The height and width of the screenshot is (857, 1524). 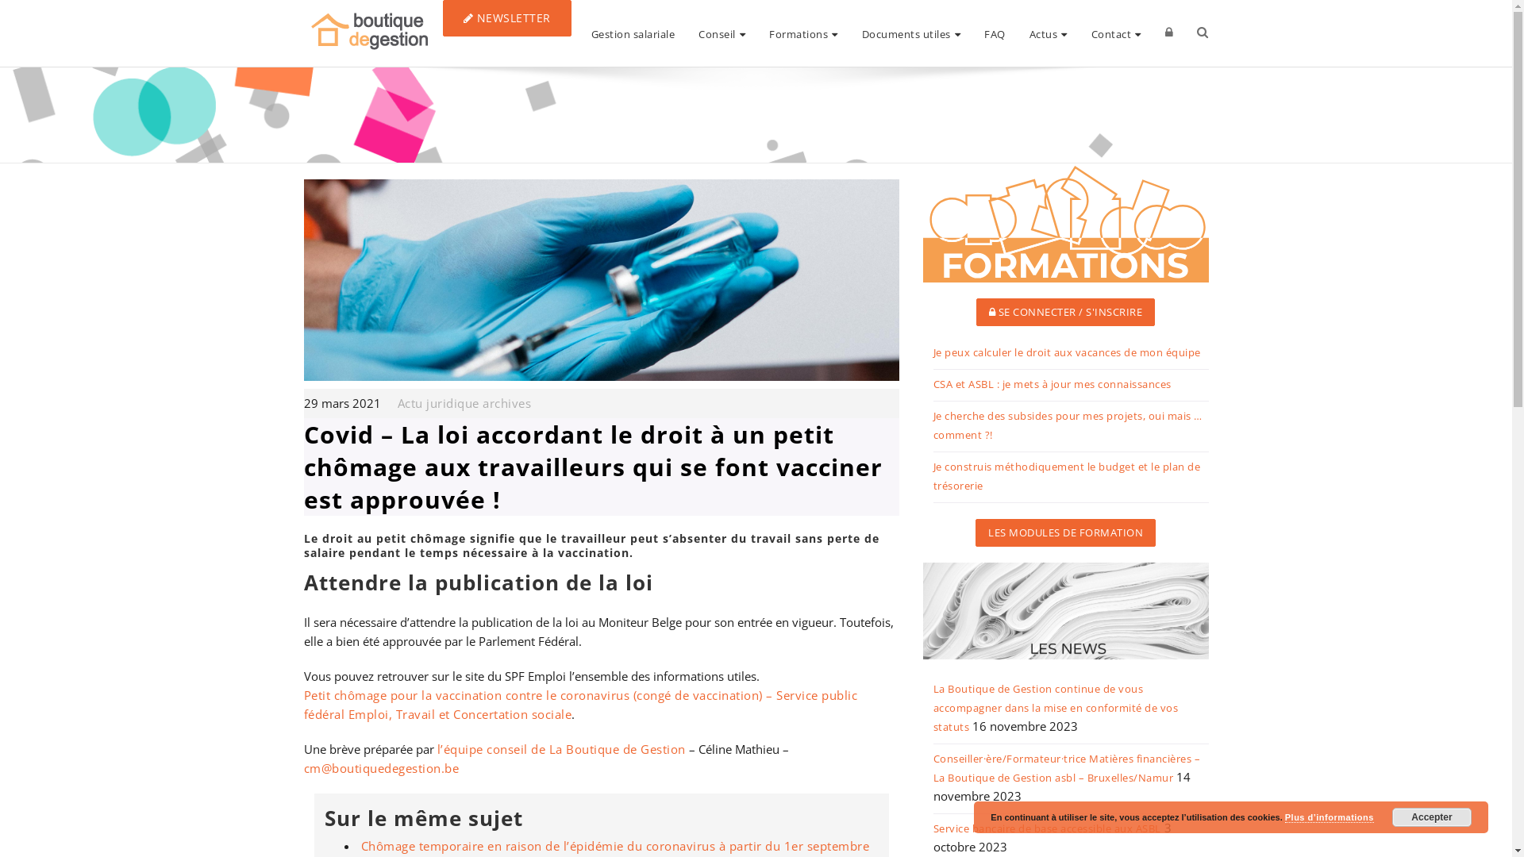 I want to click on 'FAQ', so click(x=994, y=33).